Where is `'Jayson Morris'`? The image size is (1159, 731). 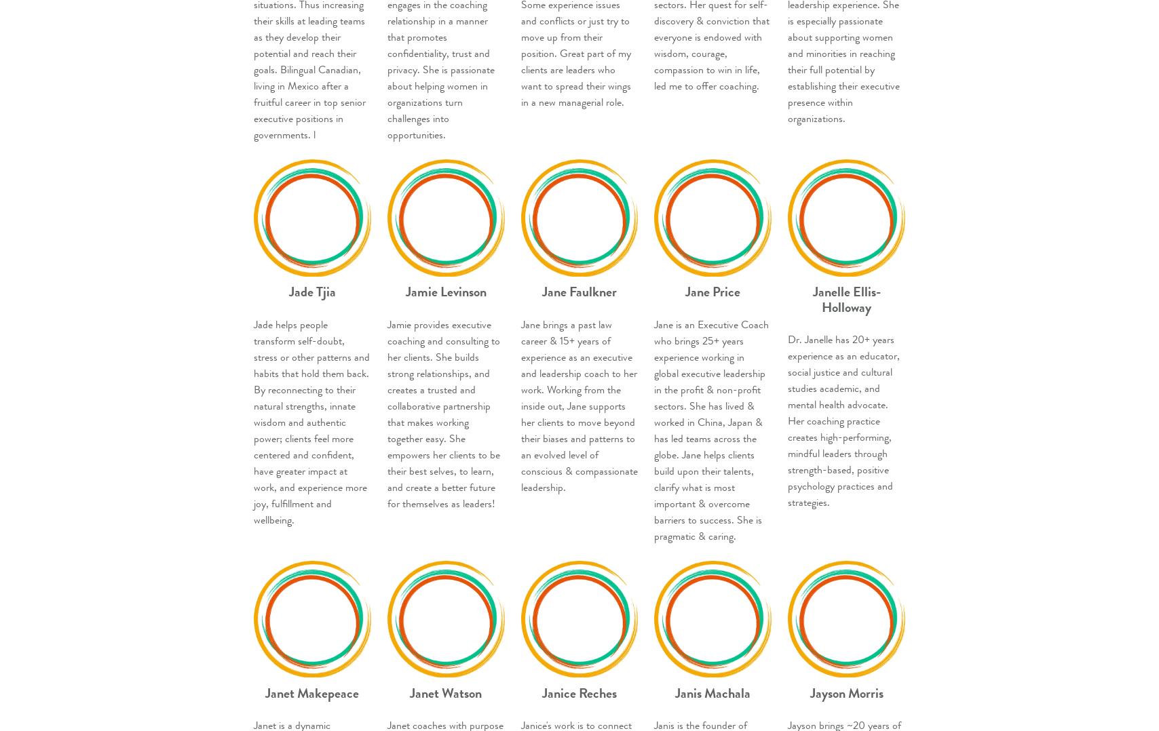 'Jayson Morris' is located at coordinates (846, 692).